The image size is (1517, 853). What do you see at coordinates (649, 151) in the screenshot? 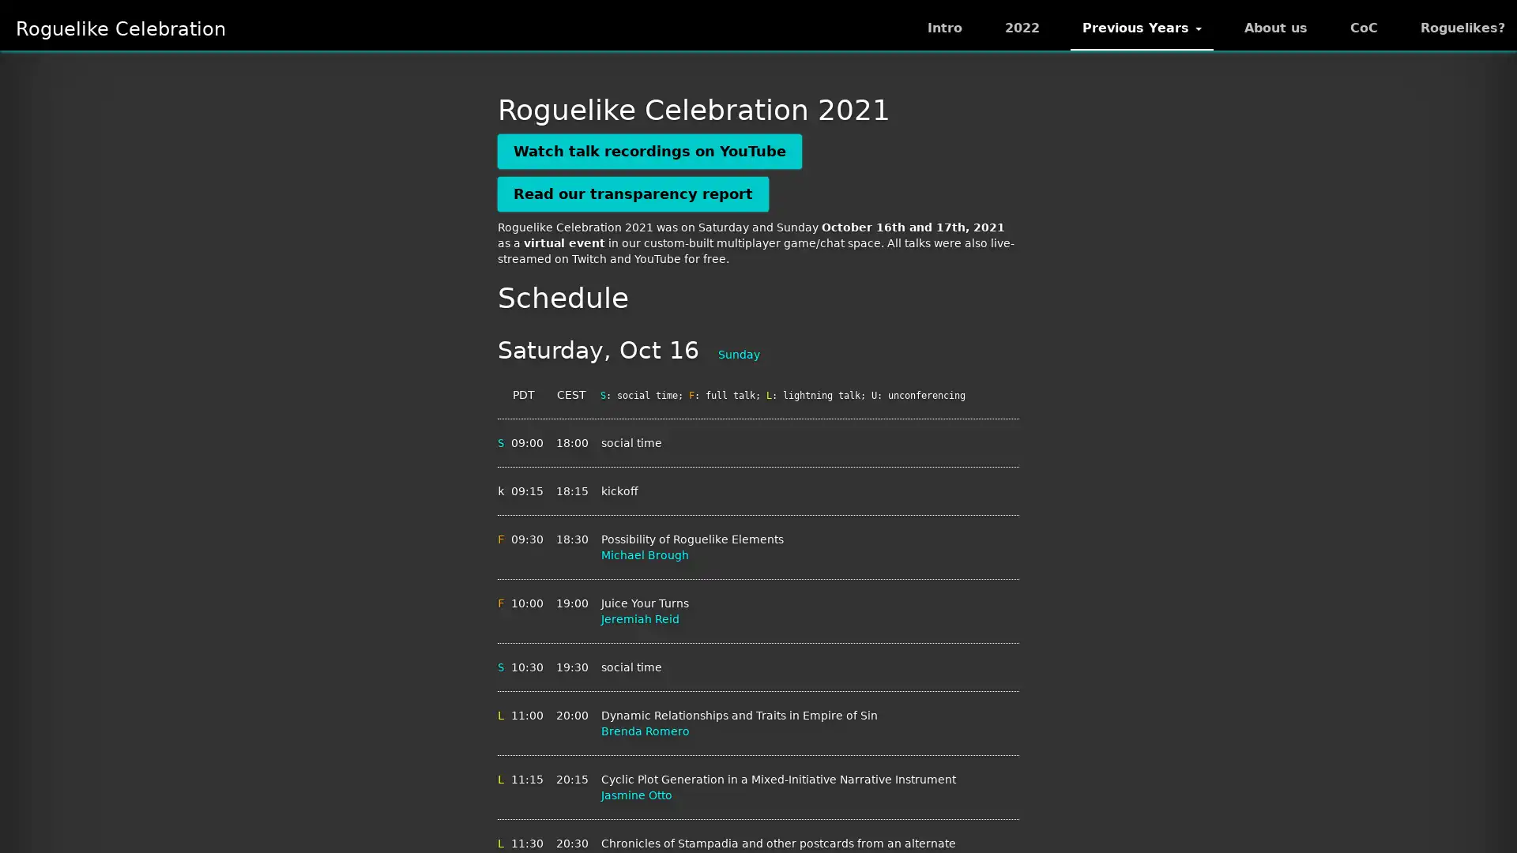
I see `Watch talk recordings on YouTube` at bounding box center [649, 151].